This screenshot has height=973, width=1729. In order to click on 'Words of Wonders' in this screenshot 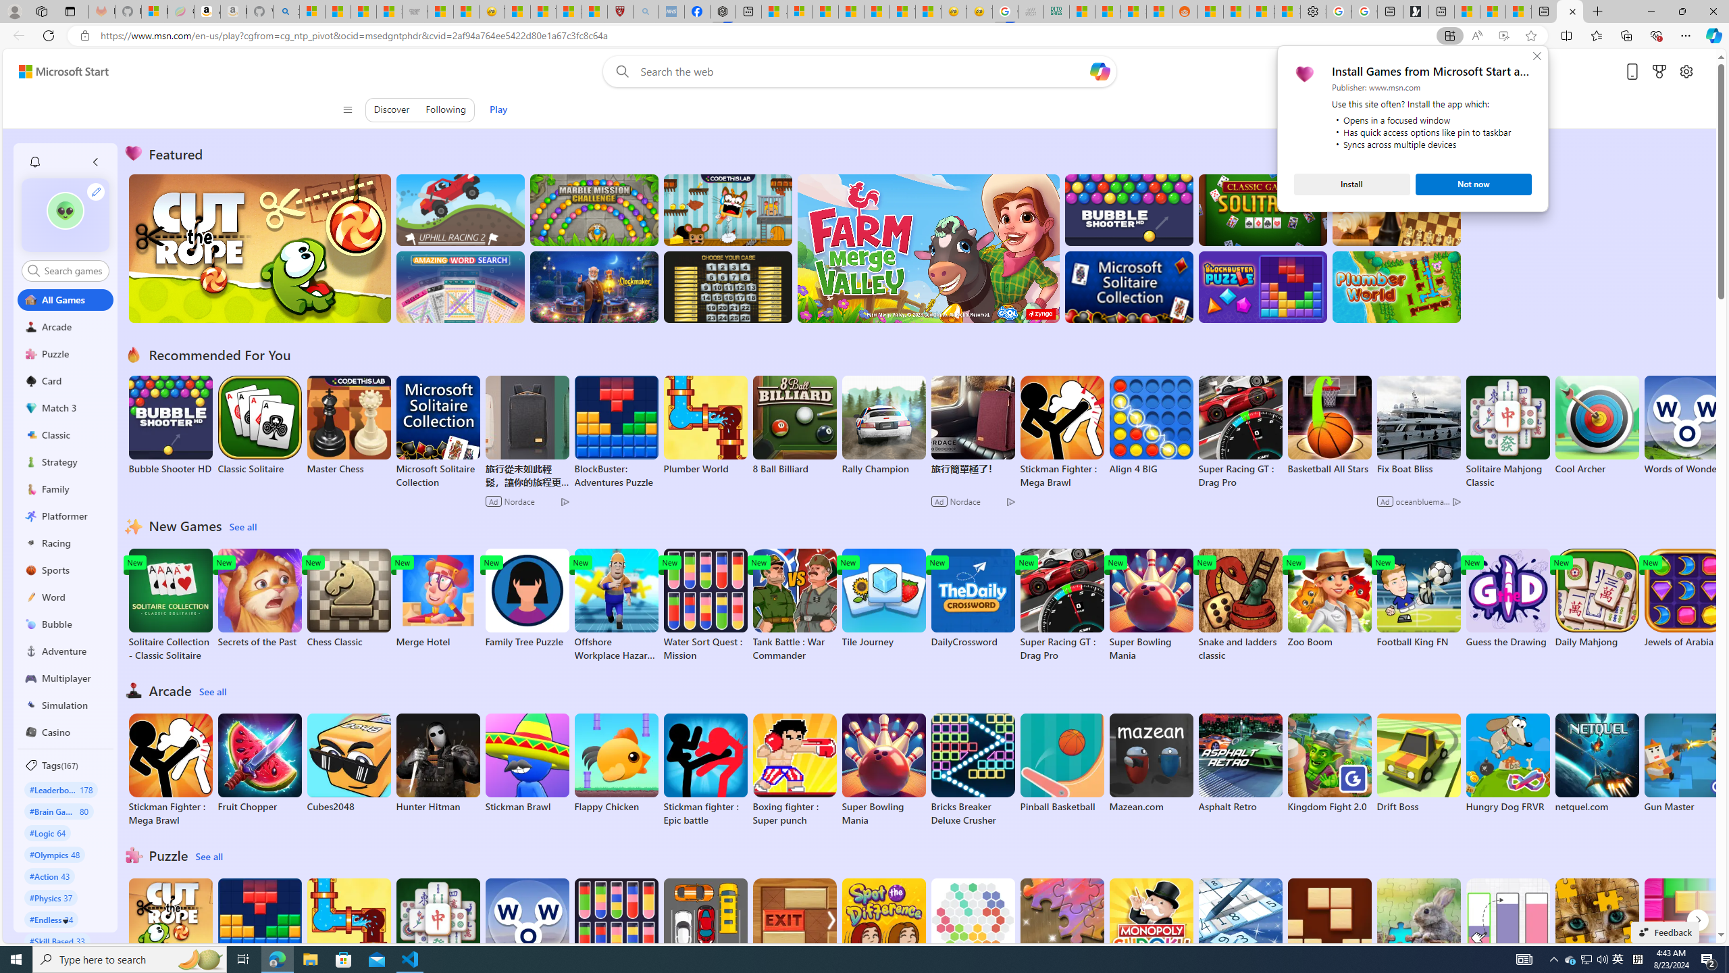, I will do `click(525, 928)`.